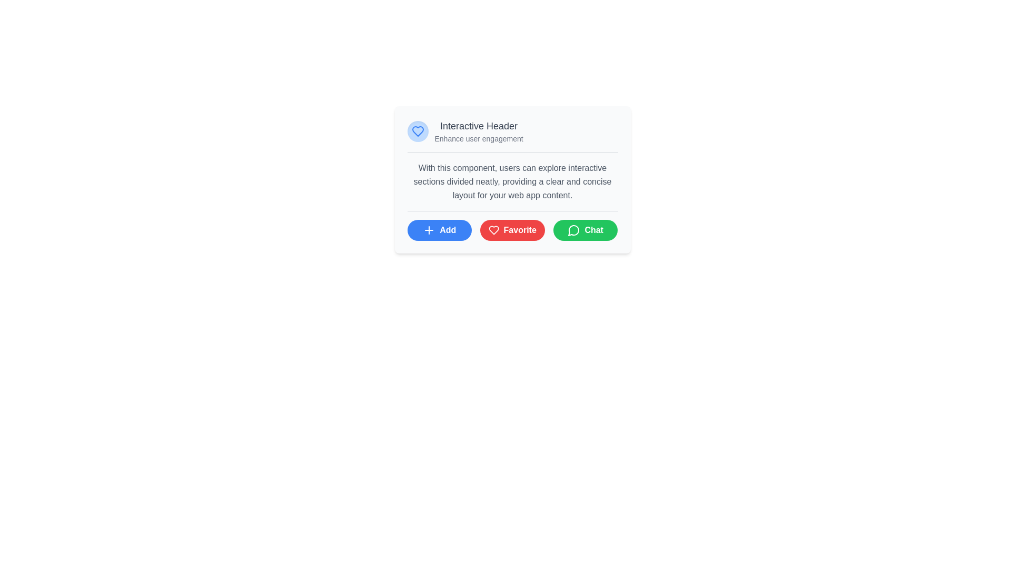 This screenshot has width=1011, height=568. Describe the element at coordinates (478, 138) in the screenshot. I see `static text located directly below the 'Interactive Header' title, which provides supplementary information or context related to it` at that location.